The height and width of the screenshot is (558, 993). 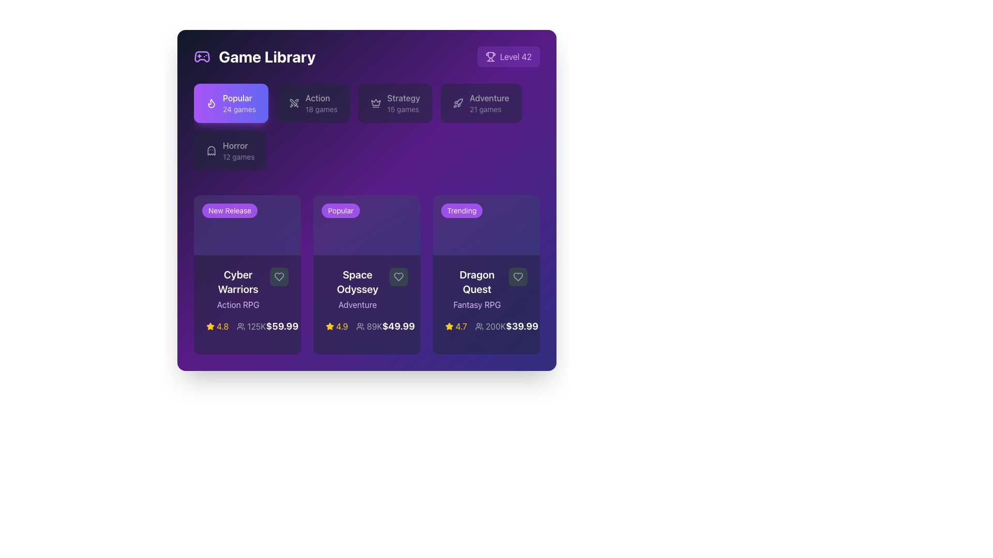 I want to click on the status display component featuring a trophy icon and the text 'Level 42', so click(x=508, y=57).